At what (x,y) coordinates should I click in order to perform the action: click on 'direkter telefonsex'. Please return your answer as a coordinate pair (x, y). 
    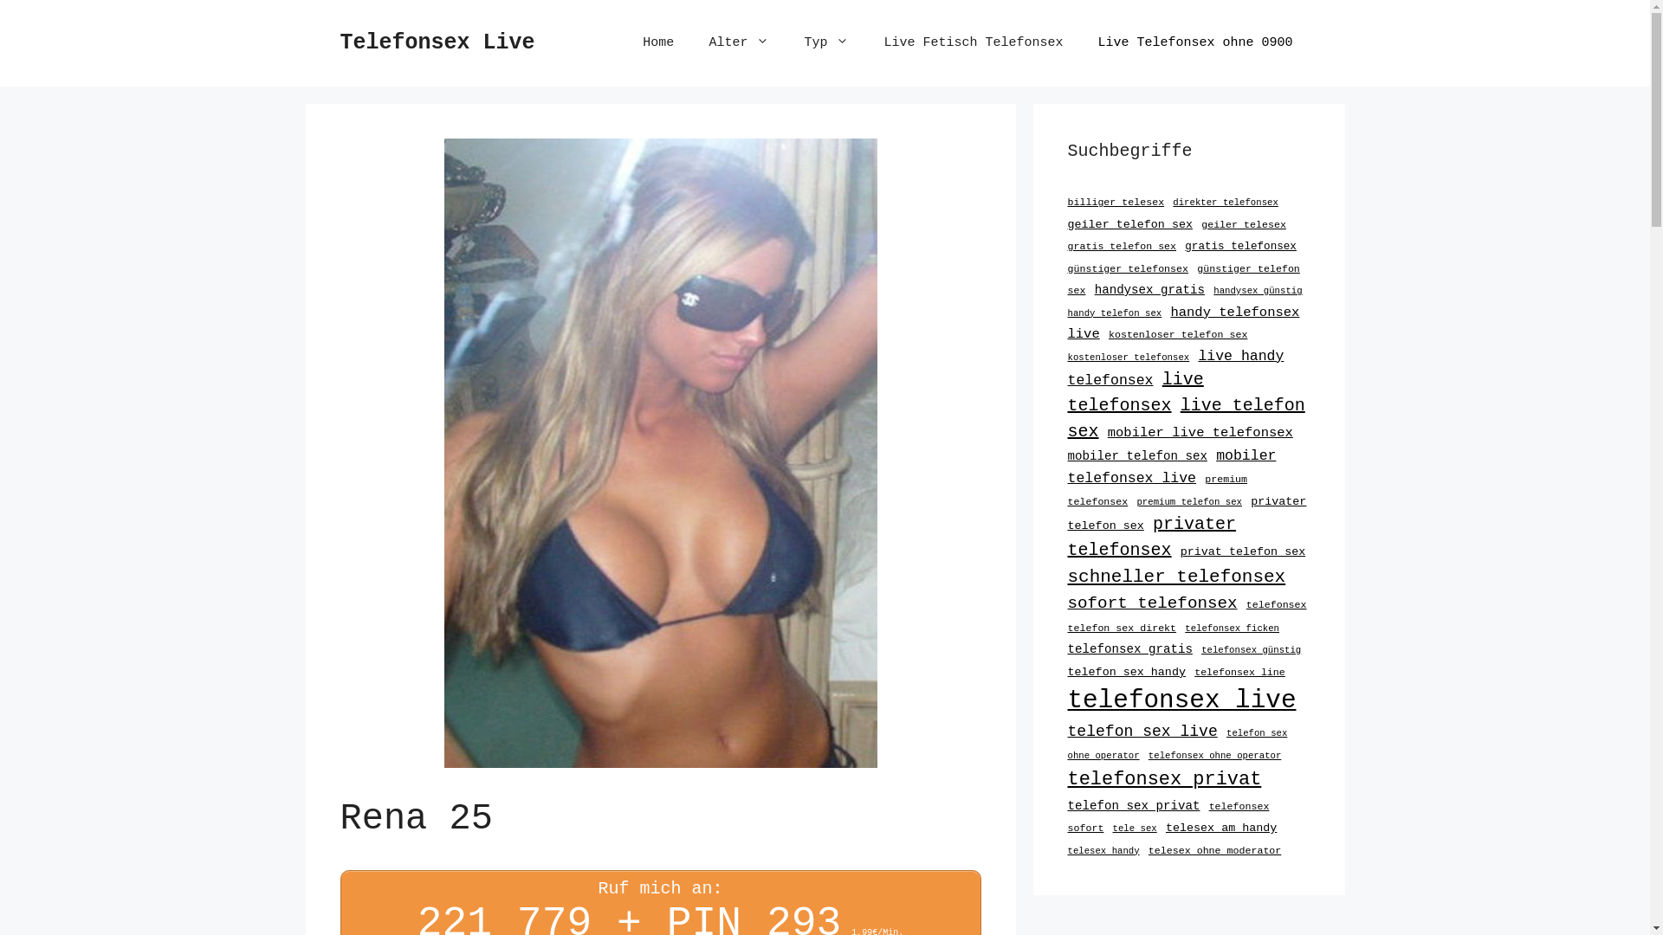
    Looking at the image, I should click on (1225, 202).